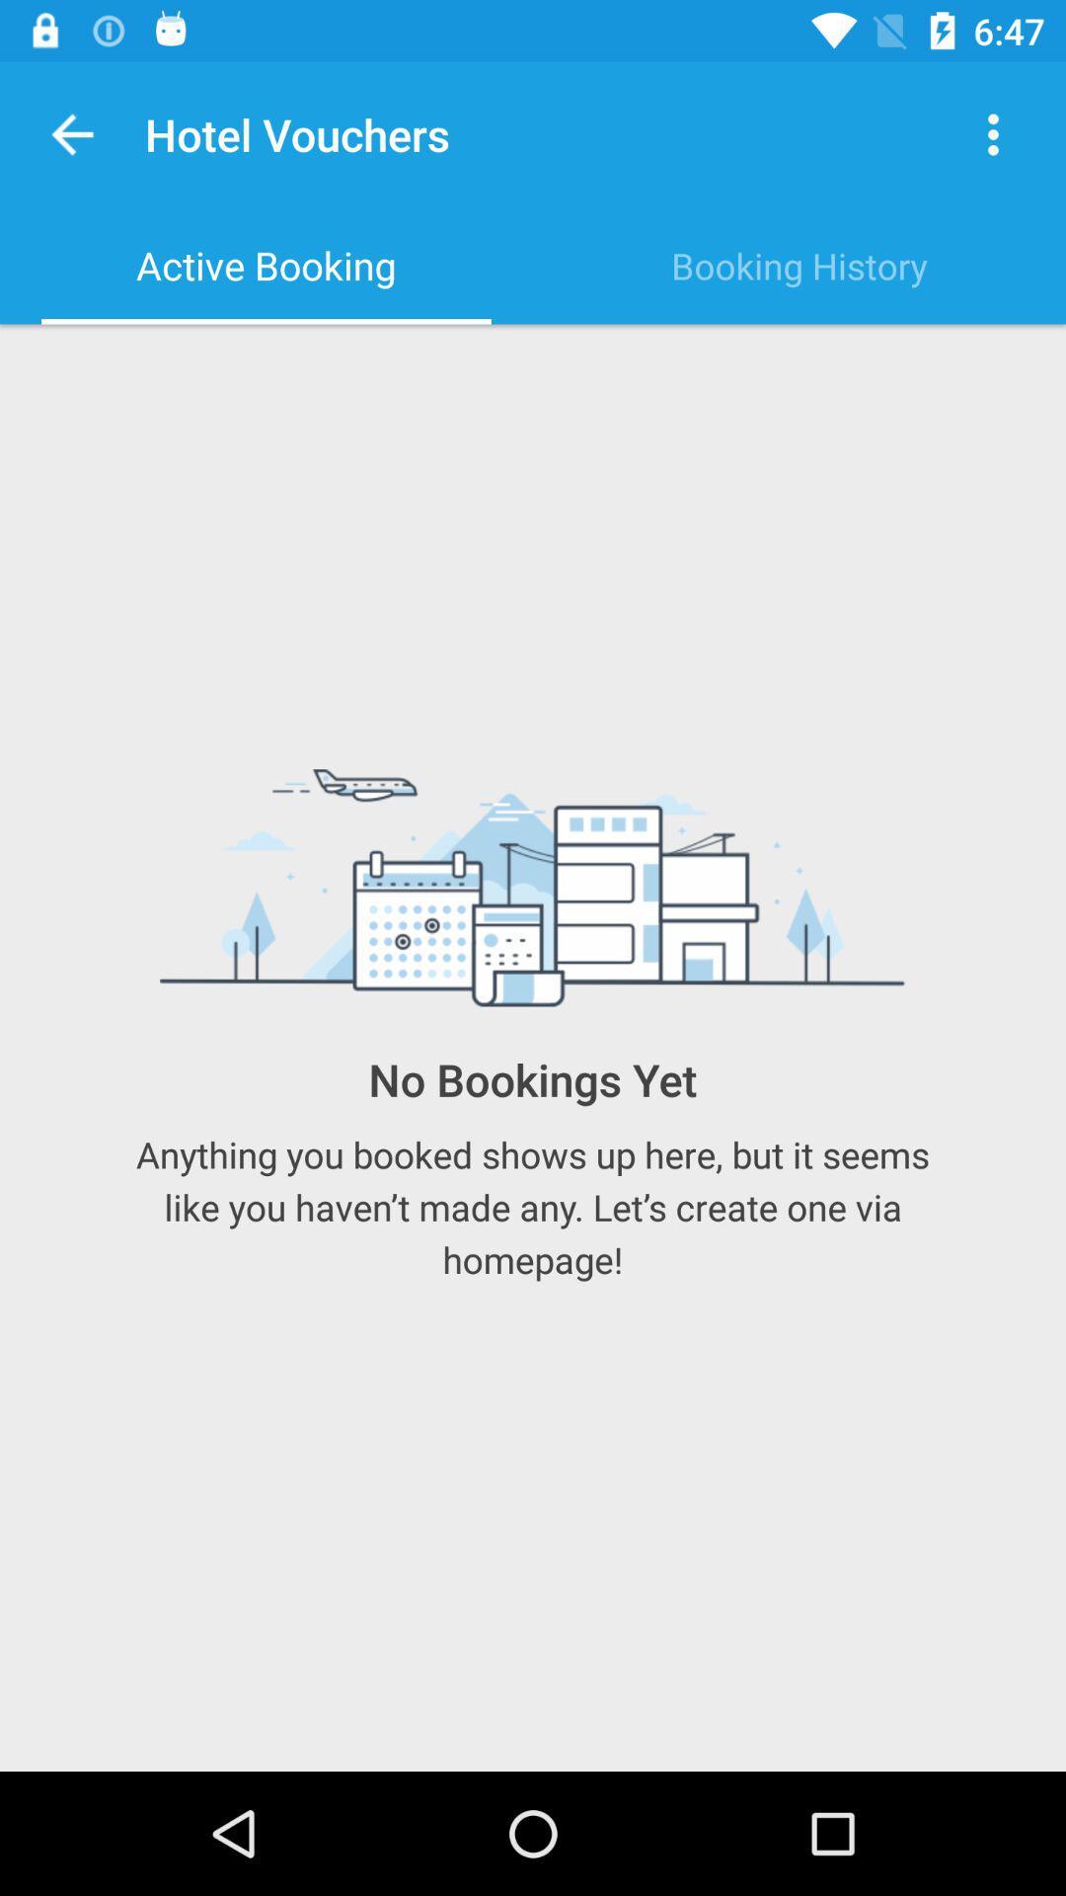 Image resolution: width=1066 pixels, height=1896 pixels. I want to click on the item next to the hotel vouchers icon, so click(993, 133).